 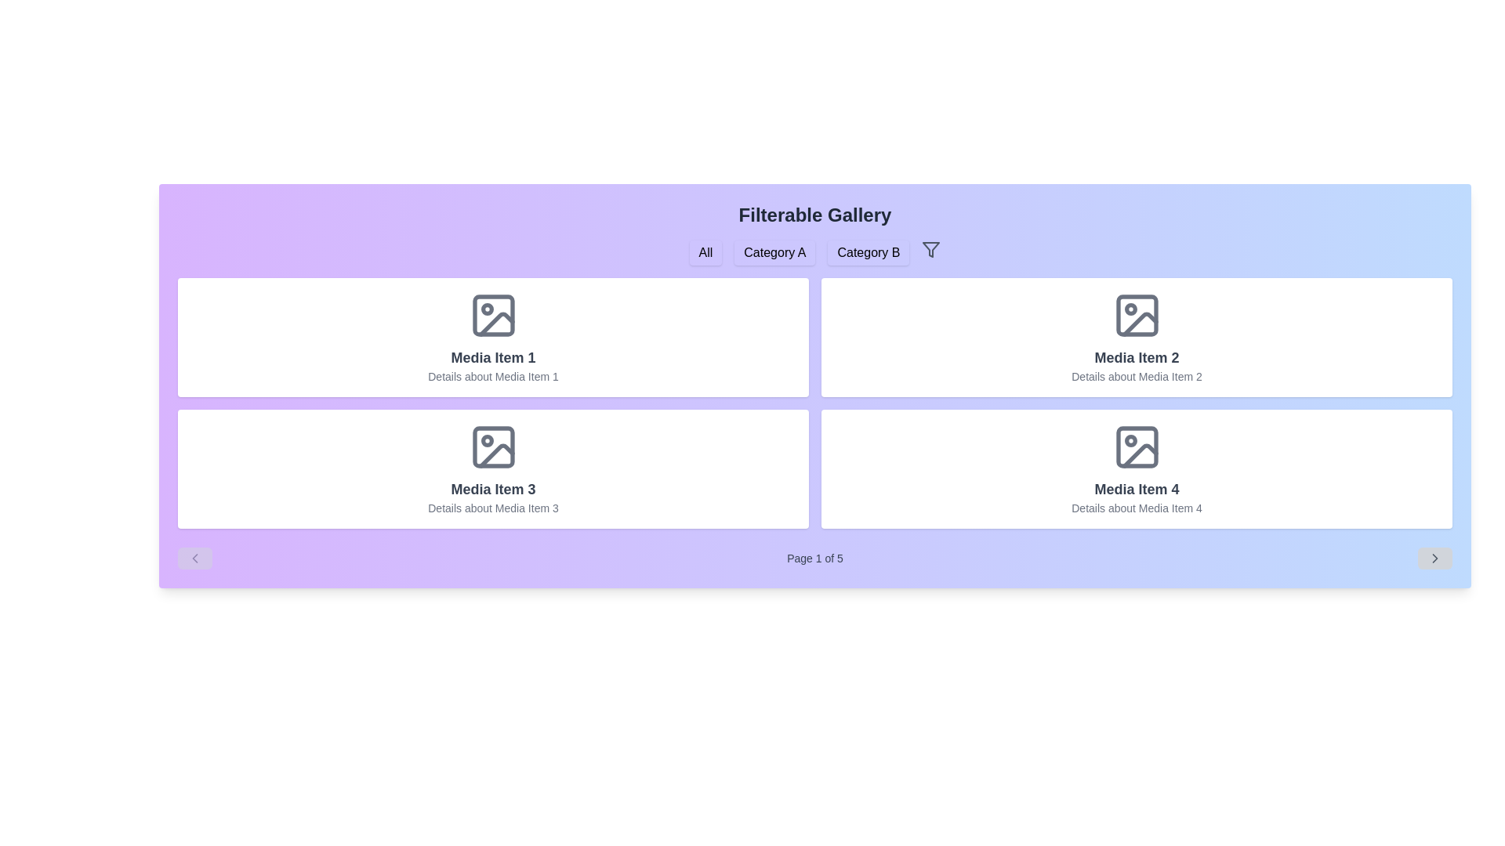 What do you see at coordinates (1137, 315) in the screenshot?
I see `the icon located at the top of the card titled 'Media Item 2' in the upper-right quadrant of the gallery grid` at bounding box center [1137, 315].